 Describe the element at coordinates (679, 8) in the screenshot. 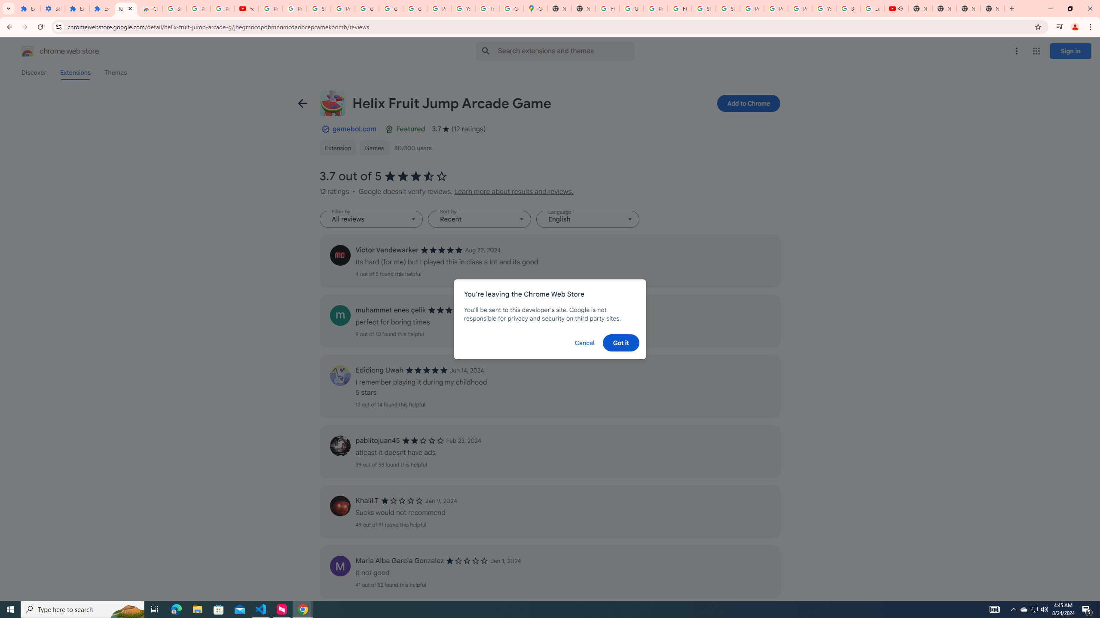

I see `'https://scholar.google.com/'` at that location.